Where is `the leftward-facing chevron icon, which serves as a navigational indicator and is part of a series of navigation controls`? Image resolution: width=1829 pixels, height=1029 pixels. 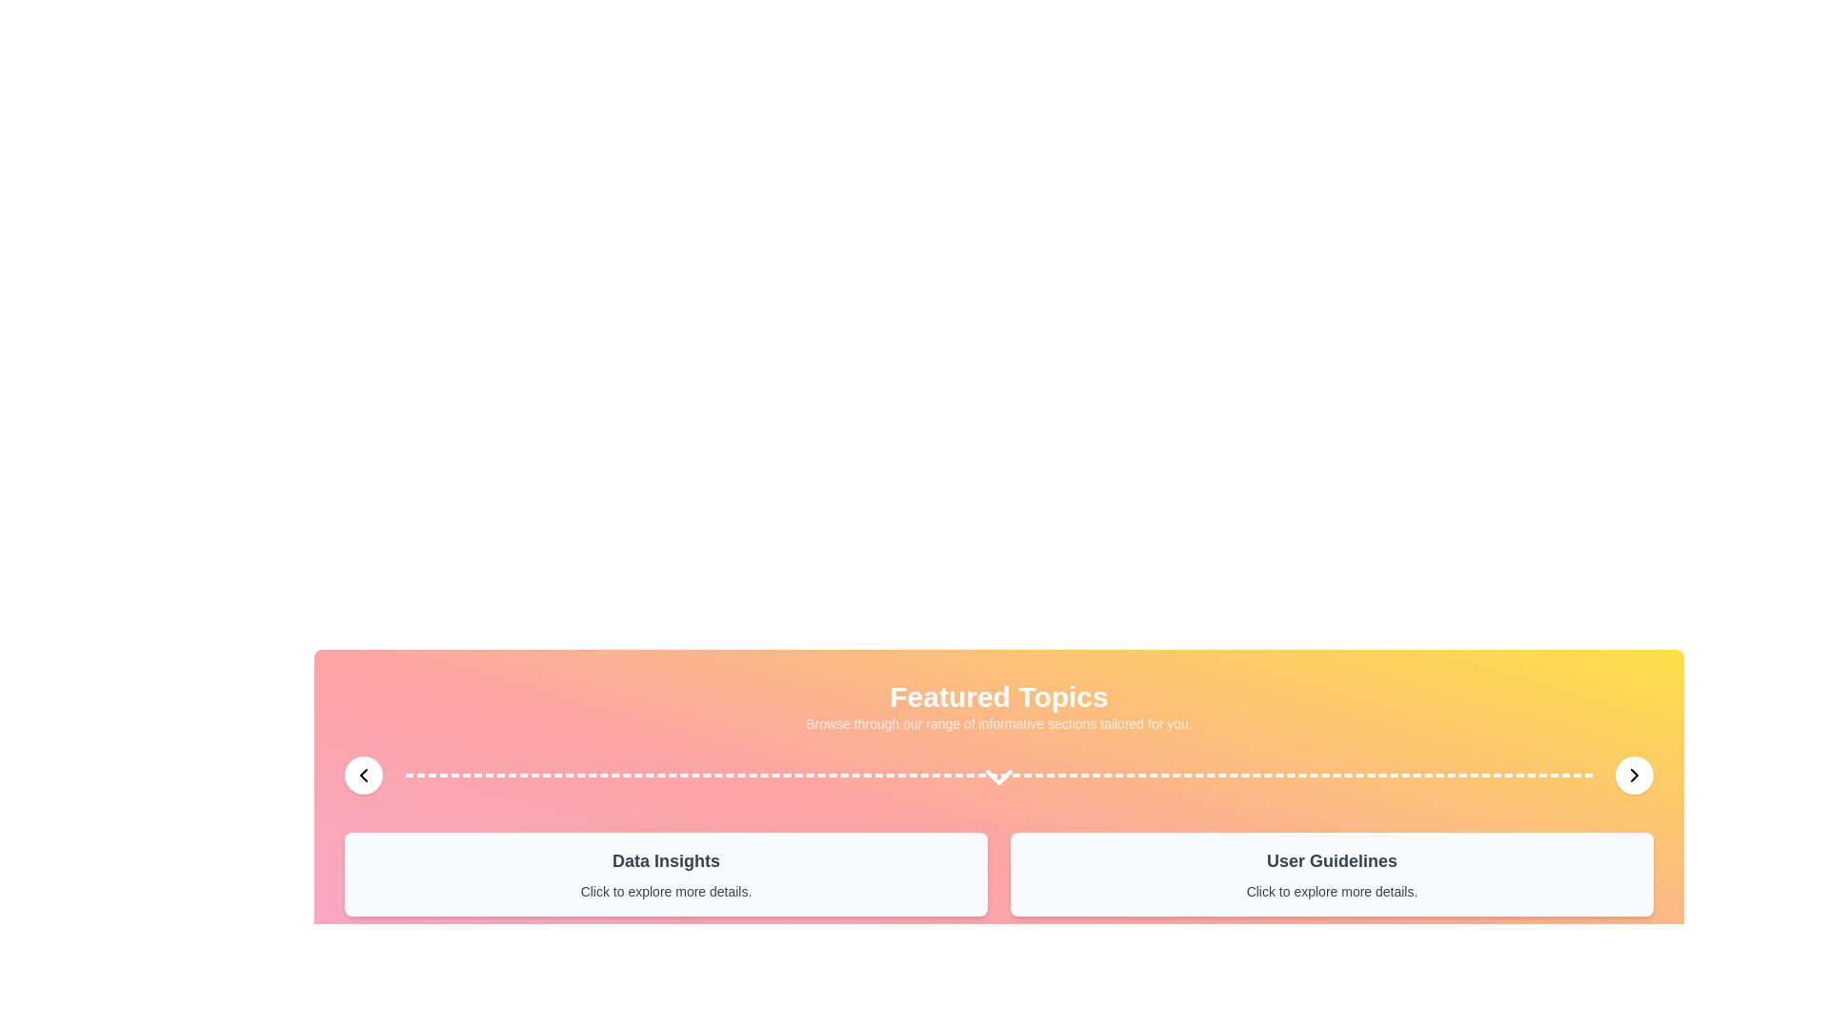 the leftward-facing chevron icon, which serves as a navigational indicator and is part of a series of navigation controls is located at coordinates (364, 775).